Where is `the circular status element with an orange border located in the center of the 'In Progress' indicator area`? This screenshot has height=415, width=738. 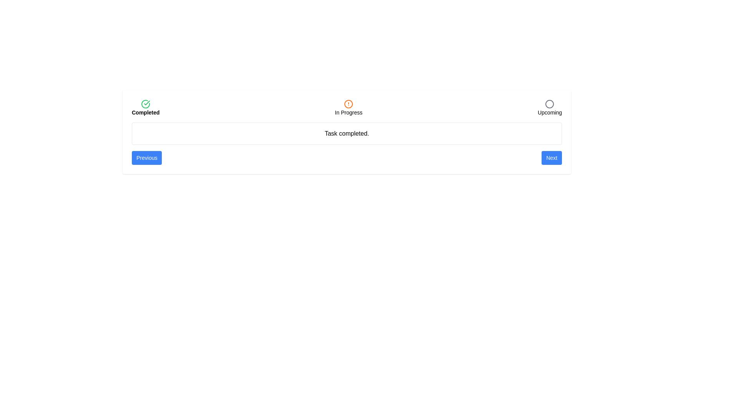
the circular status element with an orange border located in the center of the 'In Progress' indicator area is located at coordinates (348, 104).